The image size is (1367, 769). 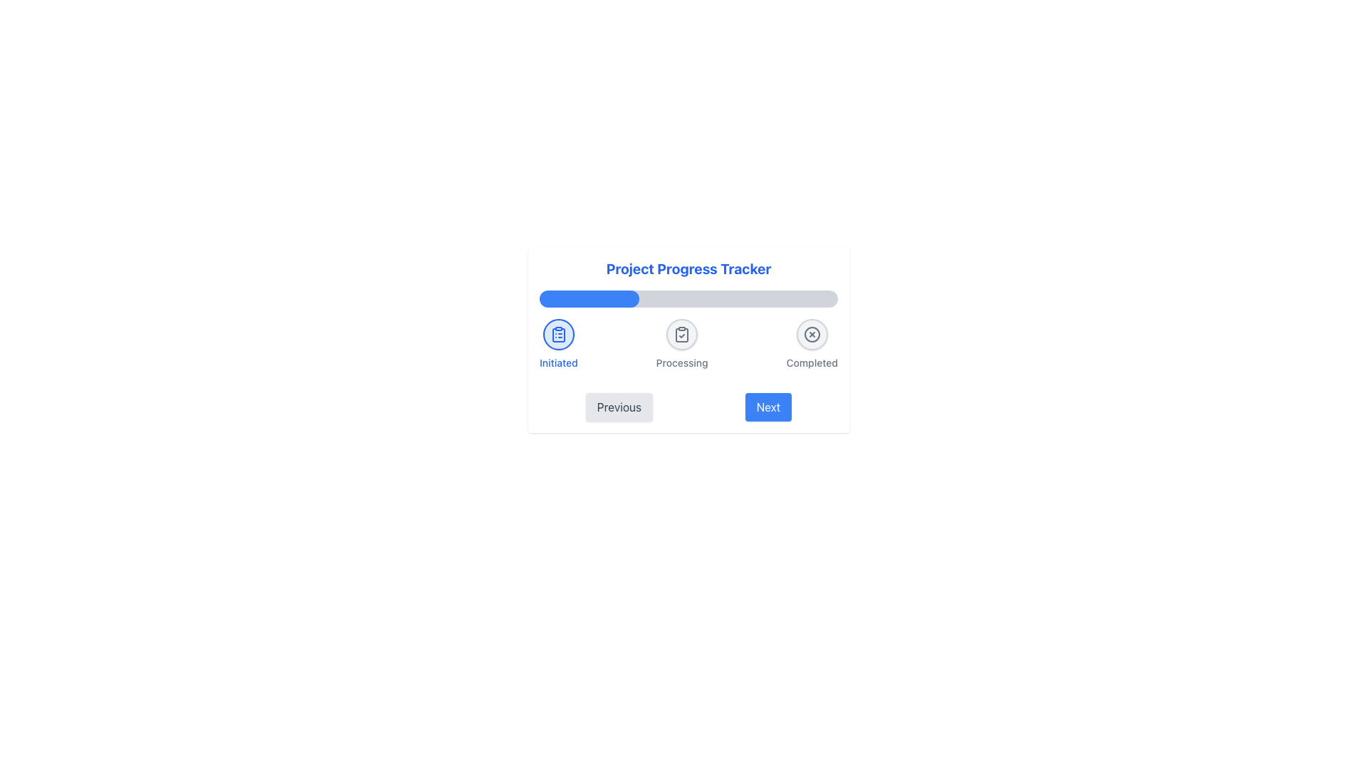 What do you see at coordinates (557, 335) in the screenshot?
I see `the 'Initiated' decorative icon in the project progress tracker, which is the first element in a horizontal sequence of three icons located at the top-left of the group` at bounding box center [557, 335].